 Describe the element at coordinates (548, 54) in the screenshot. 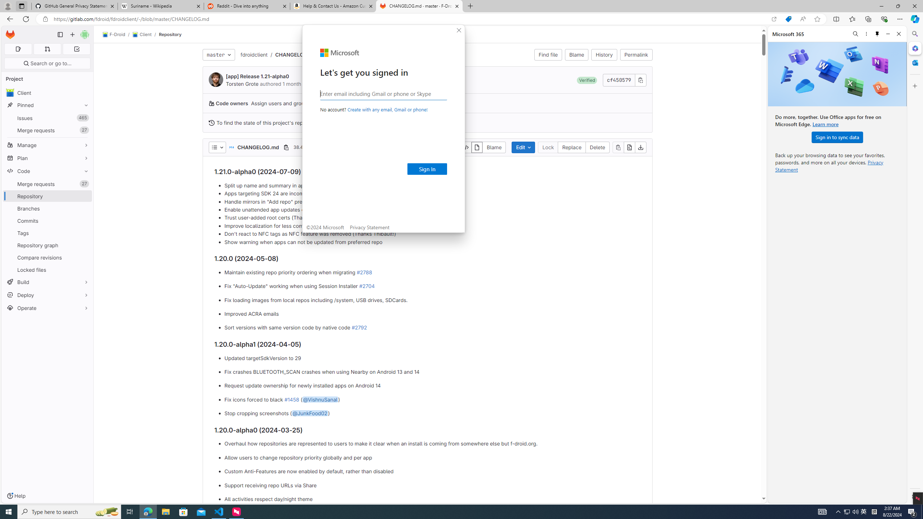

I see `'Find file'` at that location.